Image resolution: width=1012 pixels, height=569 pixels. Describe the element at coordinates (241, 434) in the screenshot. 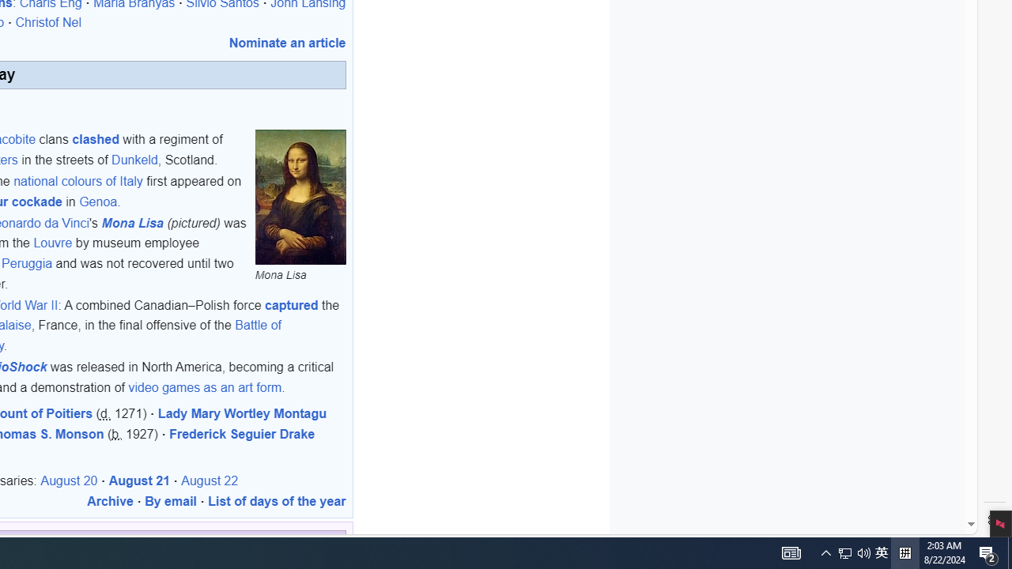

I see `'Frederick Seguier Drake'` at that location.